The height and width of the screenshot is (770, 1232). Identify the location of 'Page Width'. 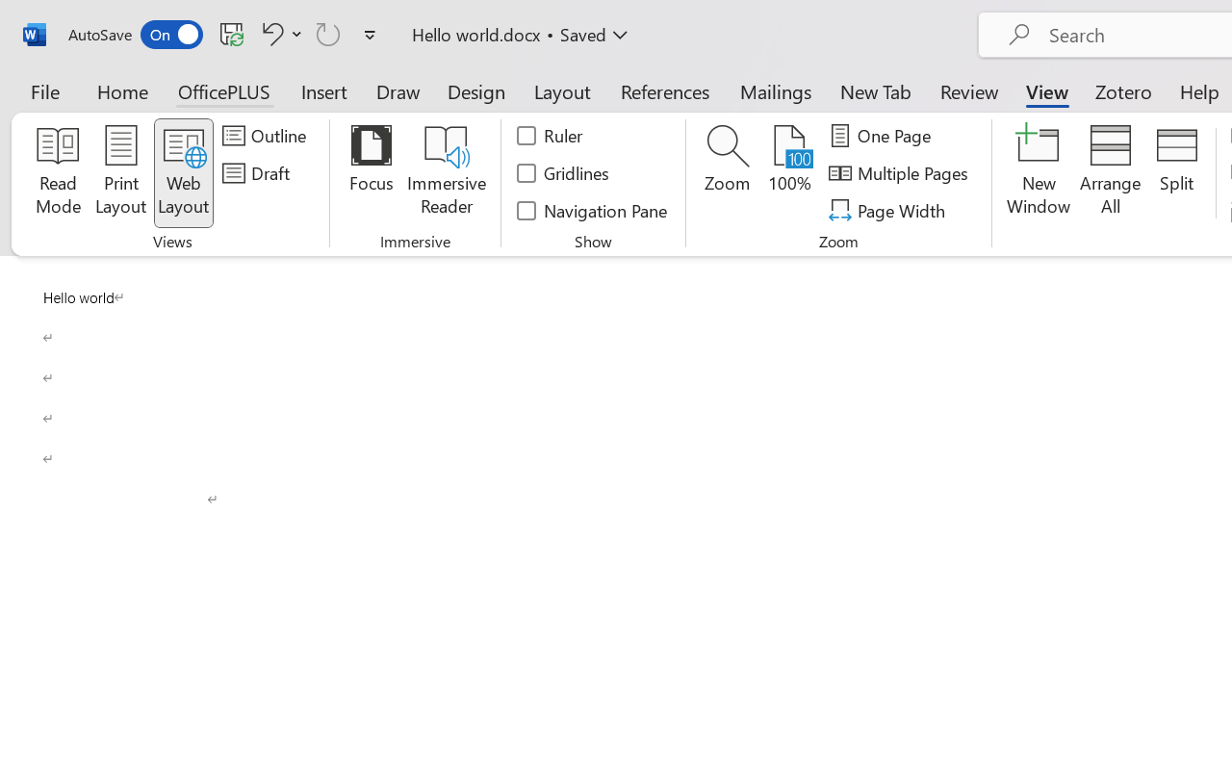
(888, 210).